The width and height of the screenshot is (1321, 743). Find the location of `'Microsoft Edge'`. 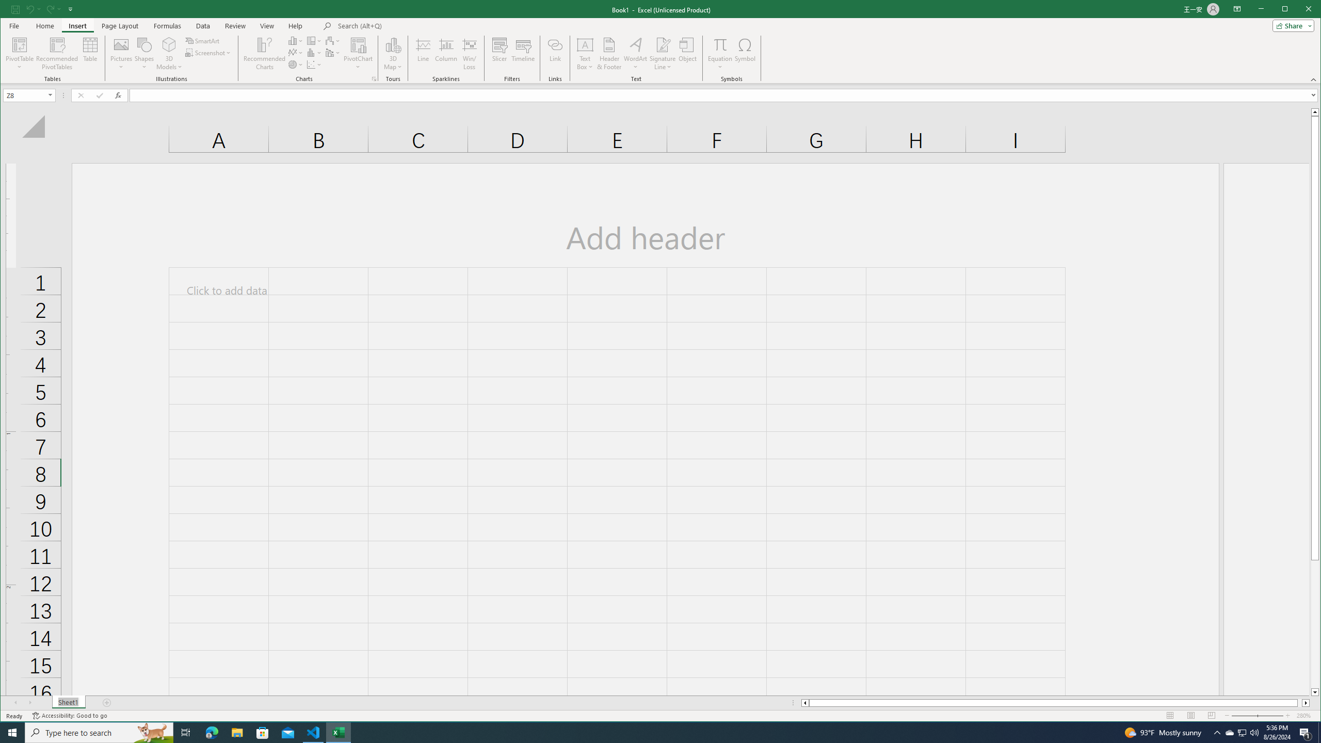

'Microsoft Edge' is located at coordinates (211, 732).